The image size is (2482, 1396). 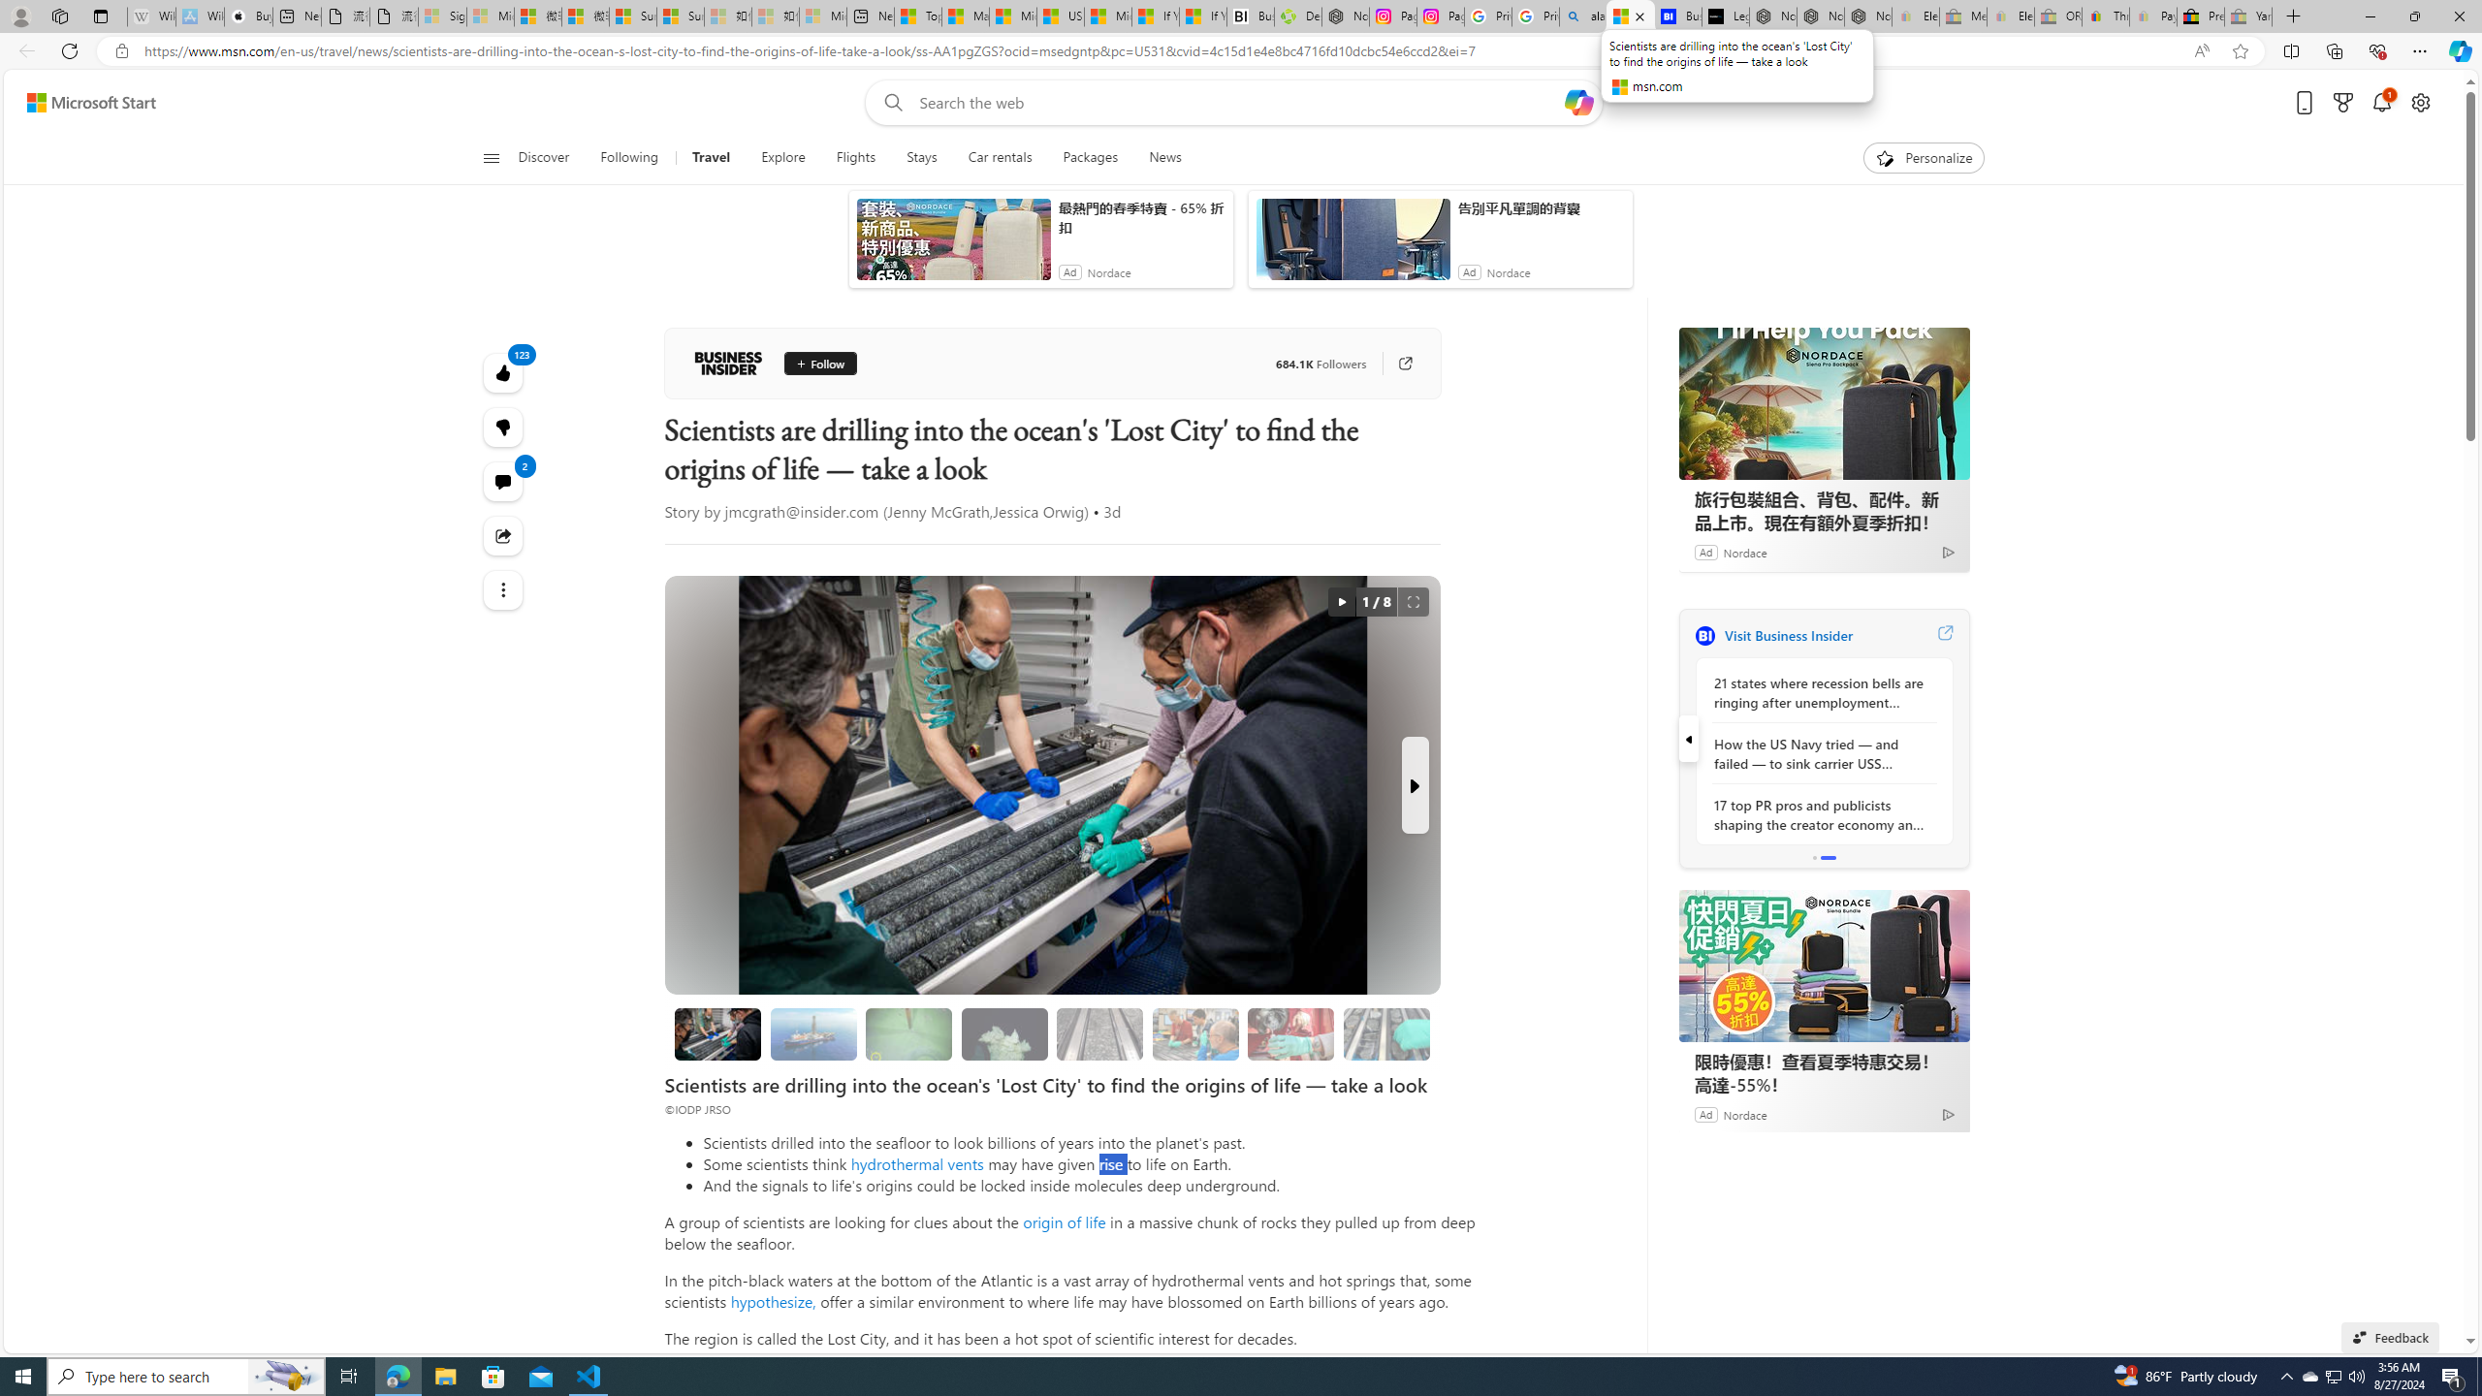 I want to click on 'Car rentals', so click(x=1000, y=157).